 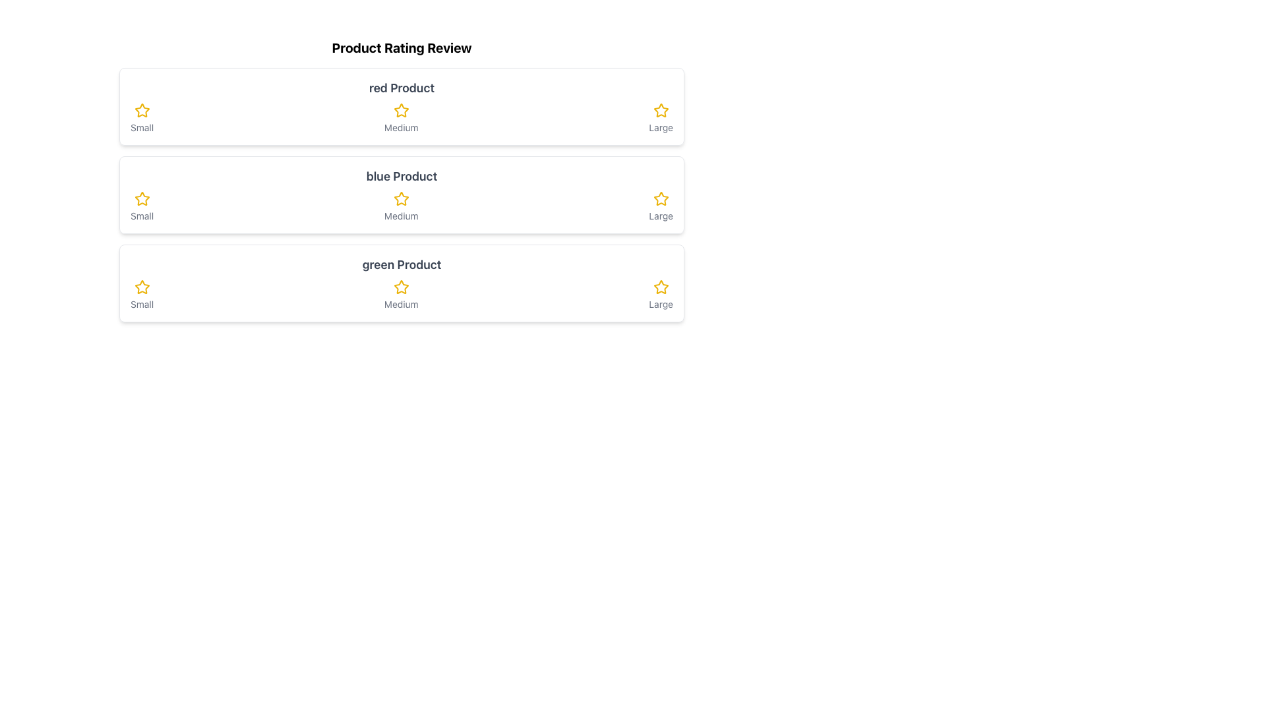 What do you see at coordinates (142, 286) in the screenshot?
I see `the rating icon for the 'Small' size option of the 'green Product' to toggle its state` at bounding box center [142, 286].